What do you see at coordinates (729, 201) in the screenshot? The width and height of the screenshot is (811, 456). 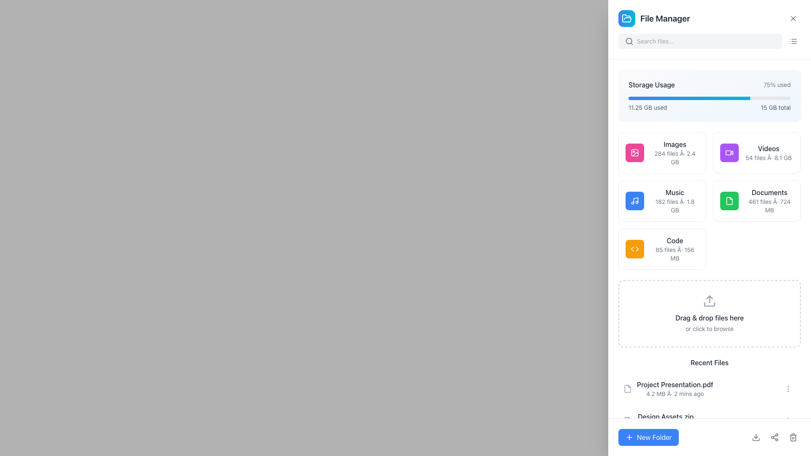 I see `the 'Documents' SVG Icon, which serves as a visual identifier for the files category in the card area on the right-hand side of the application` at bounding box center [729, 201].